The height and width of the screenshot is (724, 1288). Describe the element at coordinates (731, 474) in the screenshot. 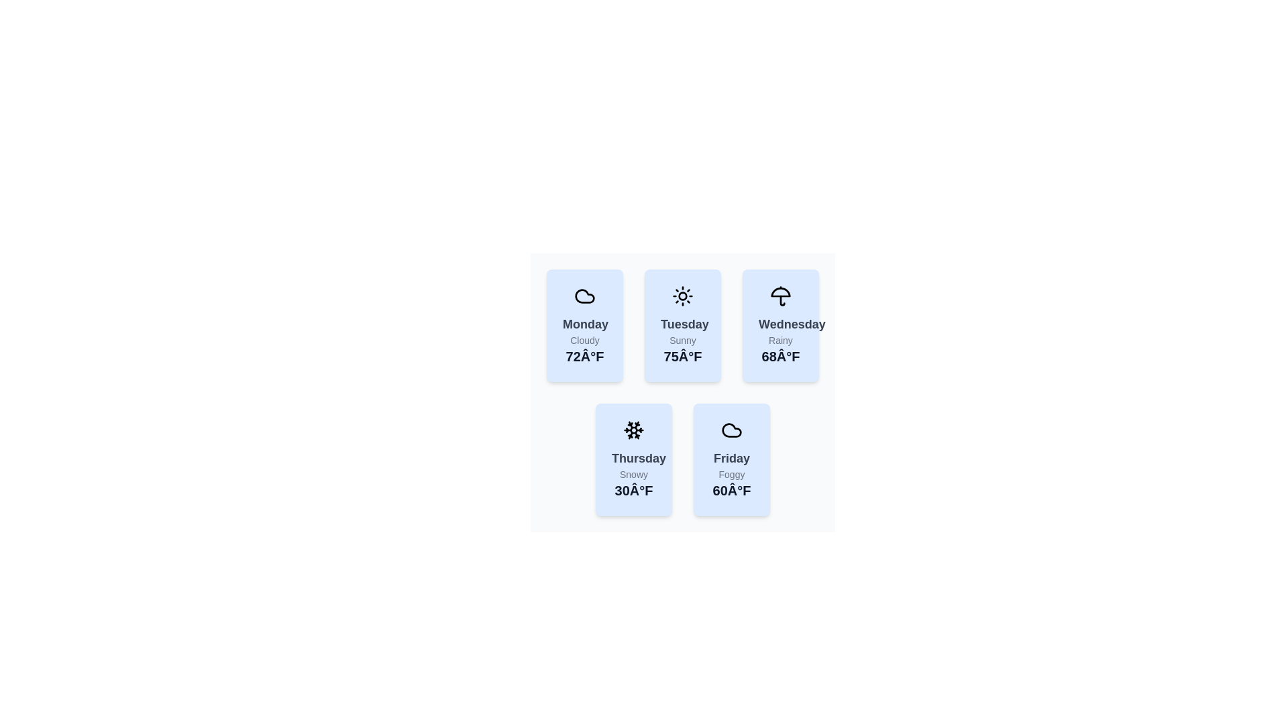

I see `the 'Foggy' text label located within the 'Friday' card in the bottom right corner of the grid layout, which provides a description of the weather condition for Friday` at that location.